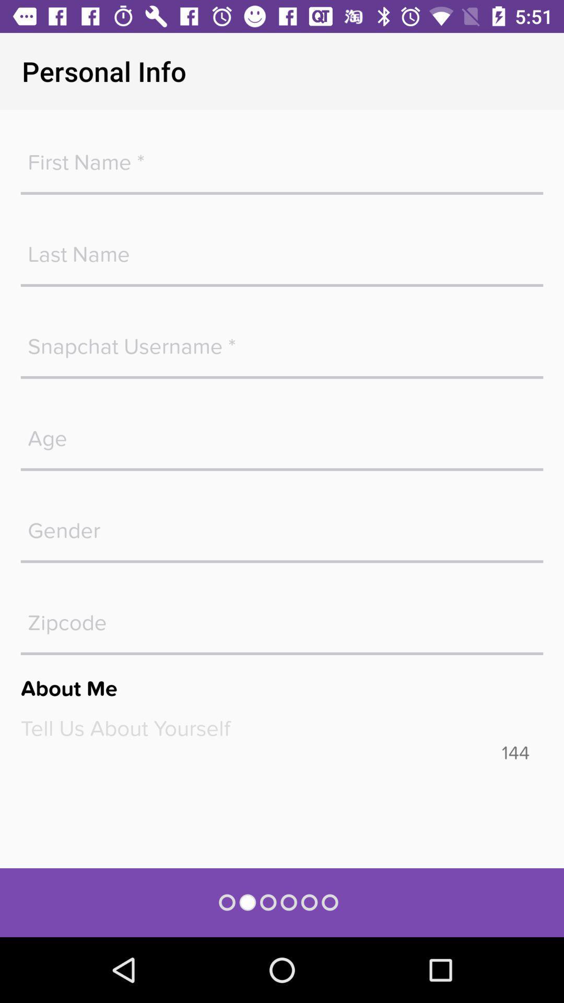 Image resolution: width=564 pixels, height=1003 pixels. Describe the element at coordinates (282, 156) in the screenshot. I see `your first name` at that location.